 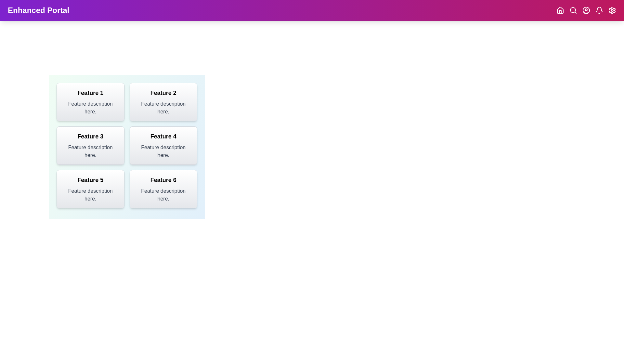 What do you see at coordinates (599, 10) in the screenshot?
I see `the navigation icon bell to see its hover effect` at bounding box center [599, 10].